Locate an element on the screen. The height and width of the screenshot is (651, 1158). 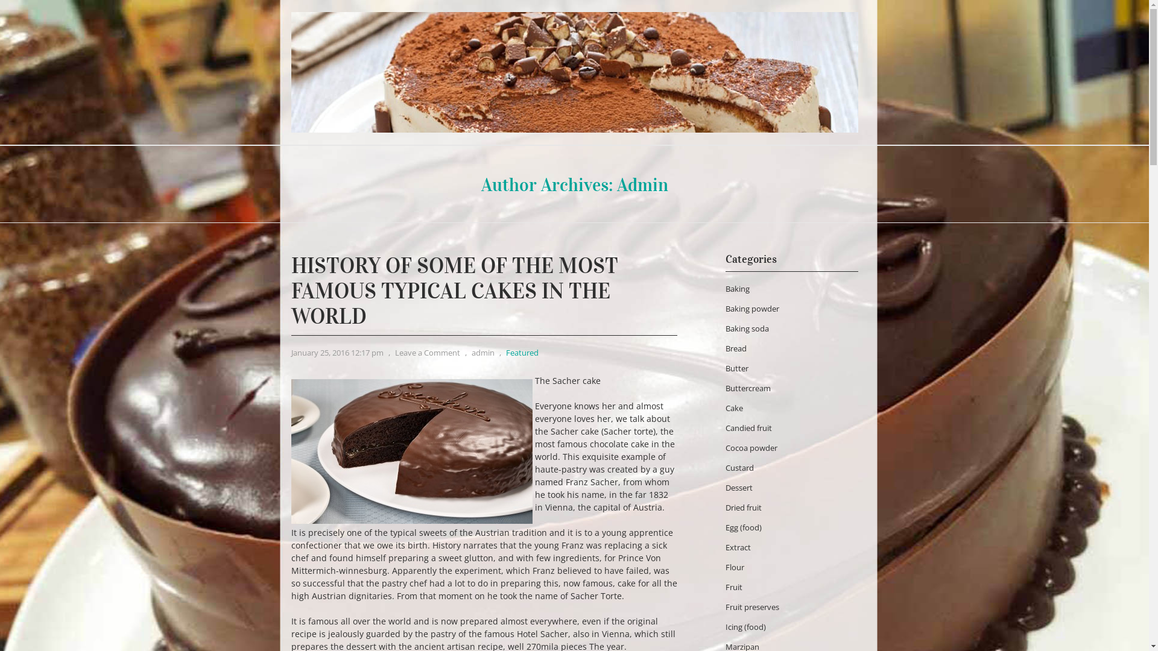
'Custard' is located at coordinates (738, 467).